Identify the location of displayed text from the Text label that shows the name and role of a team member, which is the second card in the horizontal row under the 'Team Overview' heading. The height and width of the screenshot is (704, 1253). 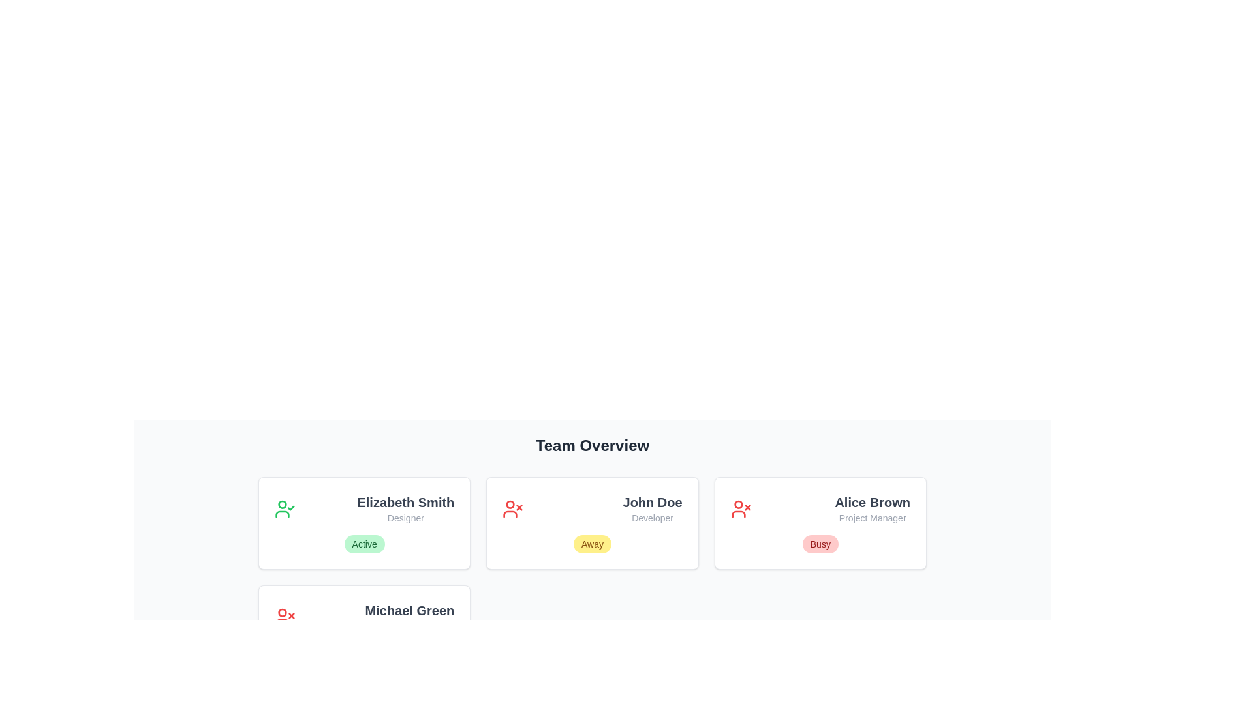
(653, 508).